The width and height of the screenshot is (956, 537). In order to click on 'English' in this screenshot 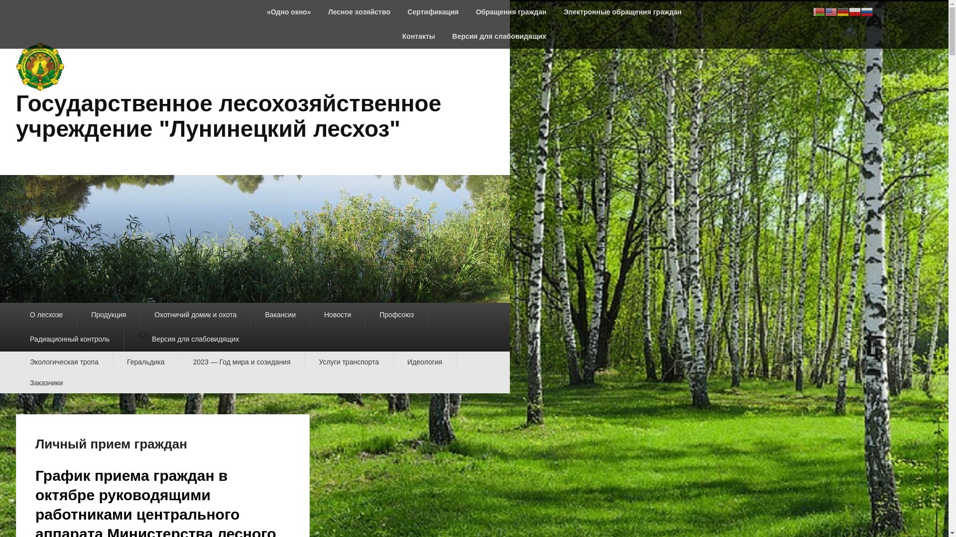, I will do `click(831, 11)`.